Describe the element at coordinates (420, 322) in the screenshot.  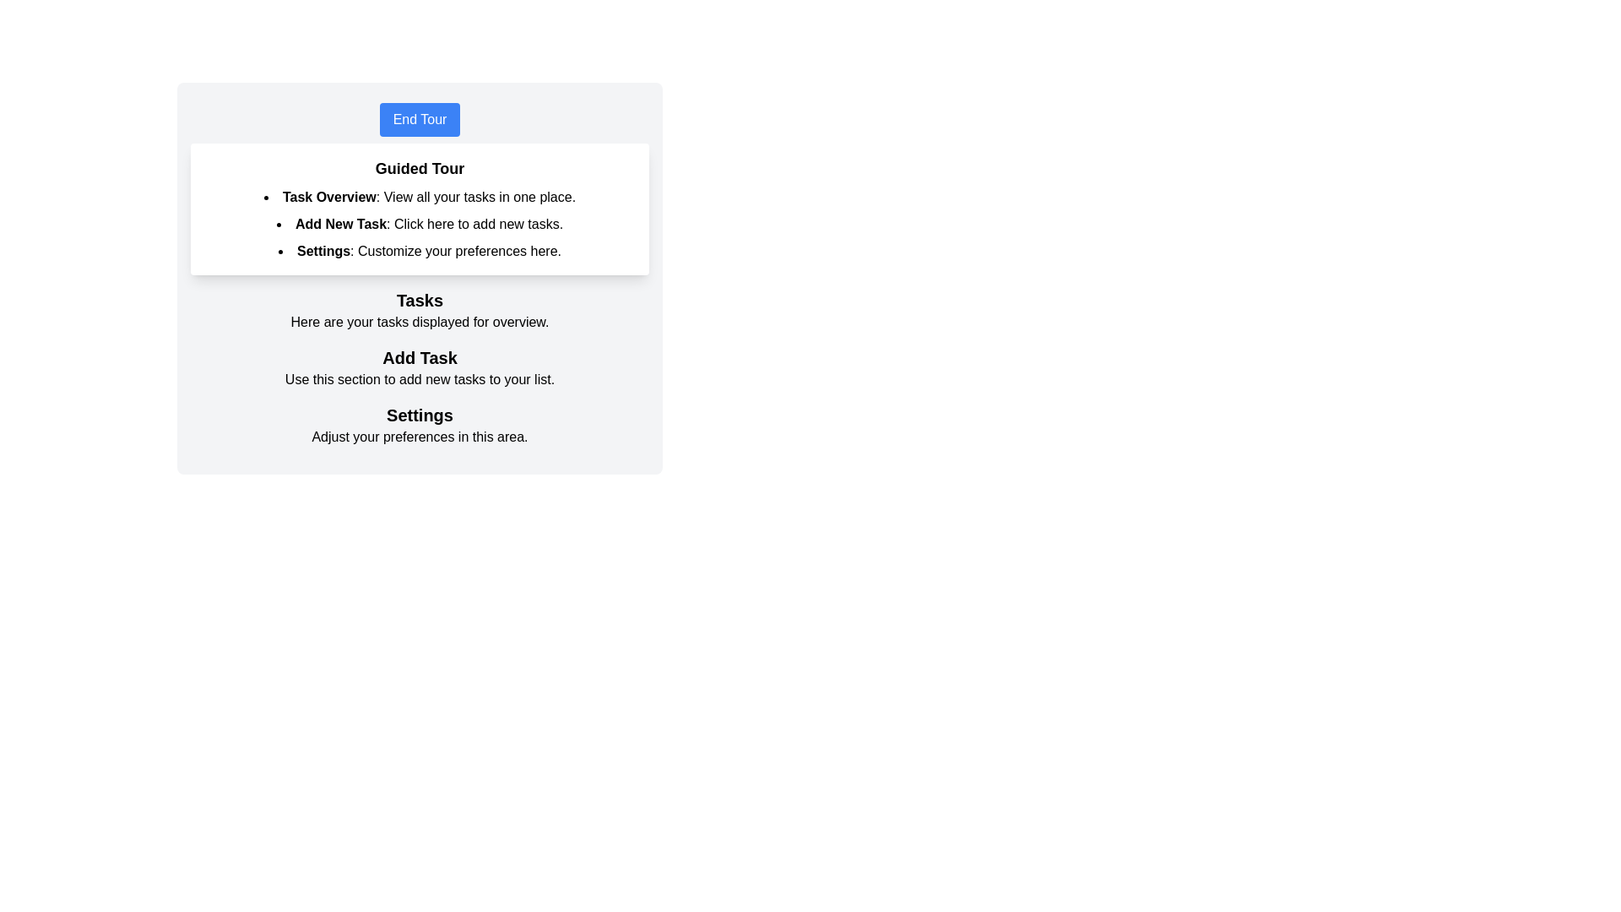
I see `the descriptive label for the 'Tasks' section, which provides information about the displayed tasks, located directly below the bold text 'Tasks'` at that location.